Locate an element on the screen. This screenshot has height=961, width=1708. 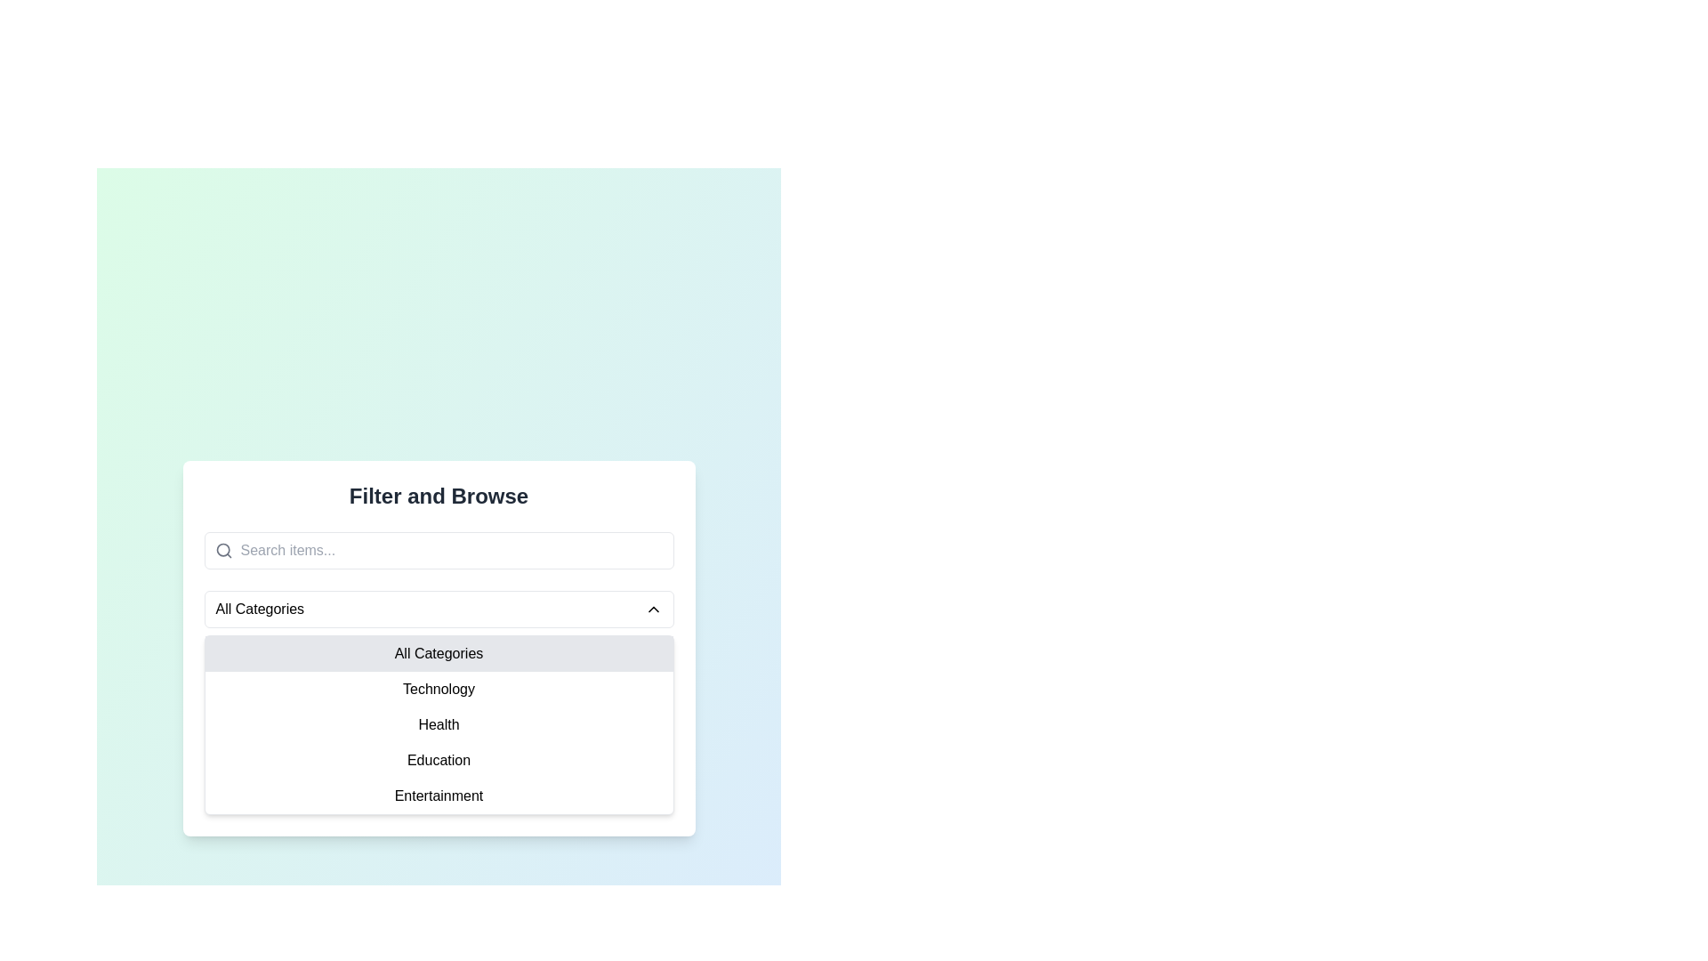
the fifth item in the dropdown menu titled 'Filter and Browse' is located at coordinates (439, 795).